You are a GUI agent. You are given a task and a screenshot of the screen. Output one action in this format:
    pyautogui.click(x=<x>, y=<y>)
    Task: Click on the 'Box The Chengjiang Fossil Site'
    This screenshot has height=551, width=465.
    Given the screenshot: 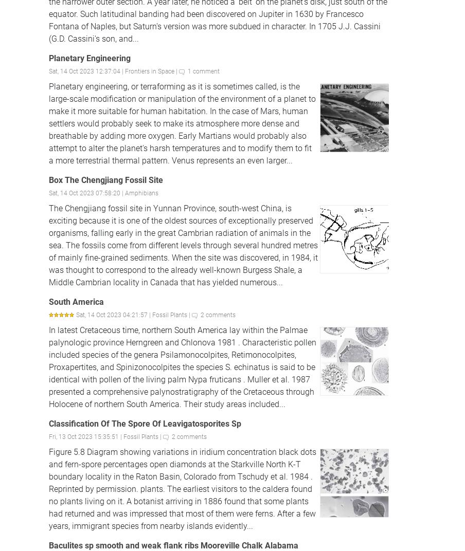 What is the action you would take?
    pyautogui.click(x=49, y=179)
    